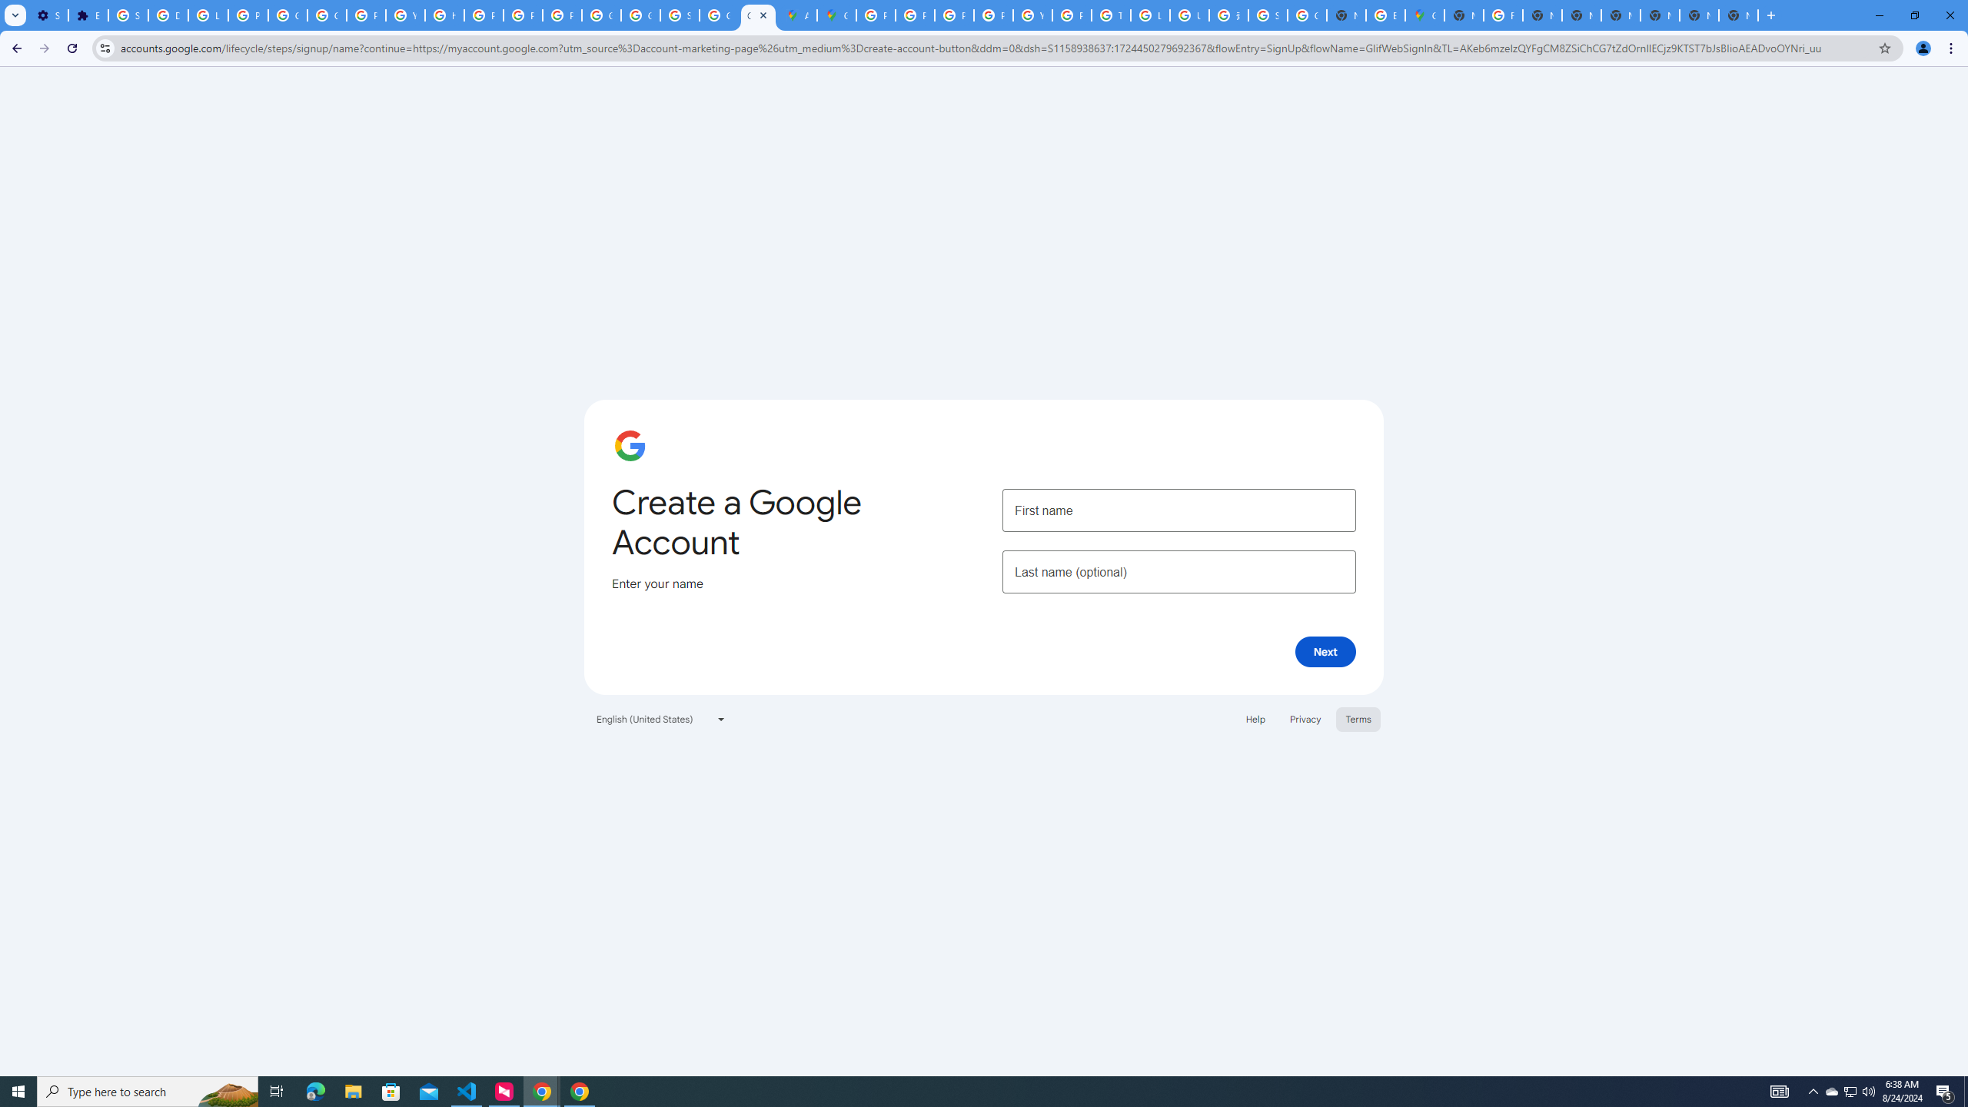 The height and width of the screenshot is (1107, 1968). I want to click on 'Extensions', so click(88, 15).